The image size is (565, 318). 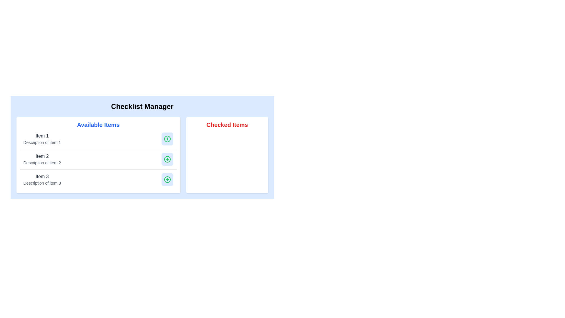 What do you see at coordinates (42, 163) in the screenshot?
I see `the static text label that reads 'Description of item 2', which is located beneath the item title 'Item 2' in the second row of the 'Available Items' list` at bounding box center [42, 163].